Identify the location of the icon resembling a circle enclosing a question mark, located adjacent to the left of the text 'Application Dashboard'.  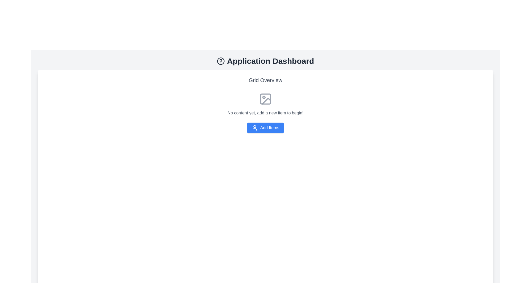
(221, 61).